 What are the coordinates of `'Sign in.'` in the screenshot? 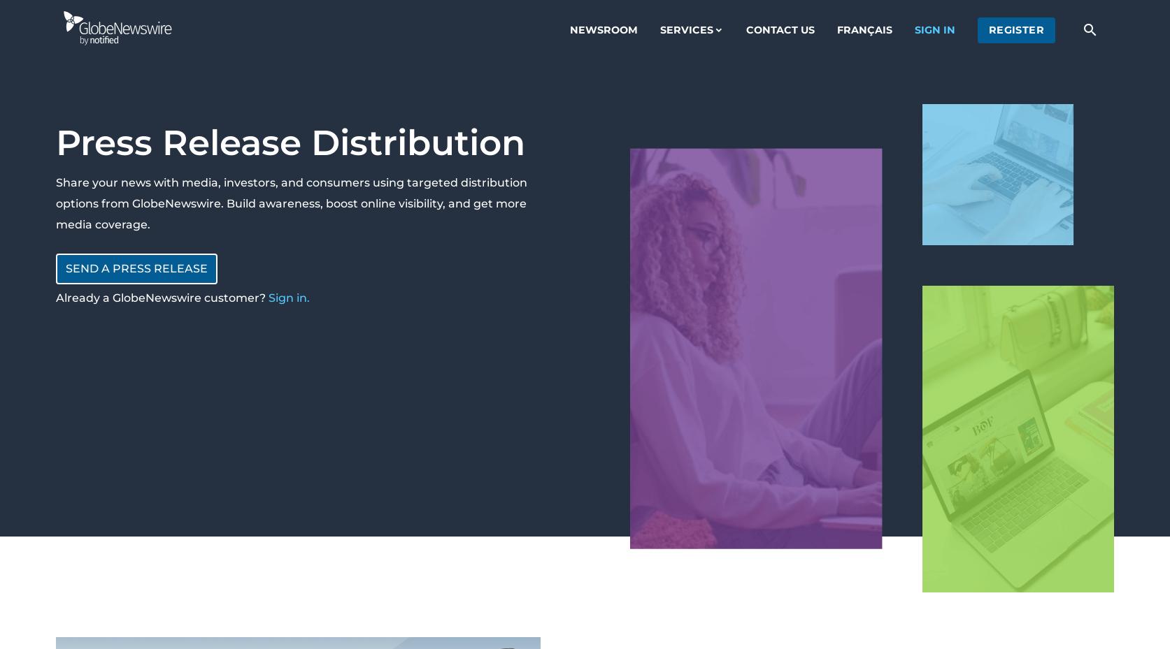 It's located at (288, 297).